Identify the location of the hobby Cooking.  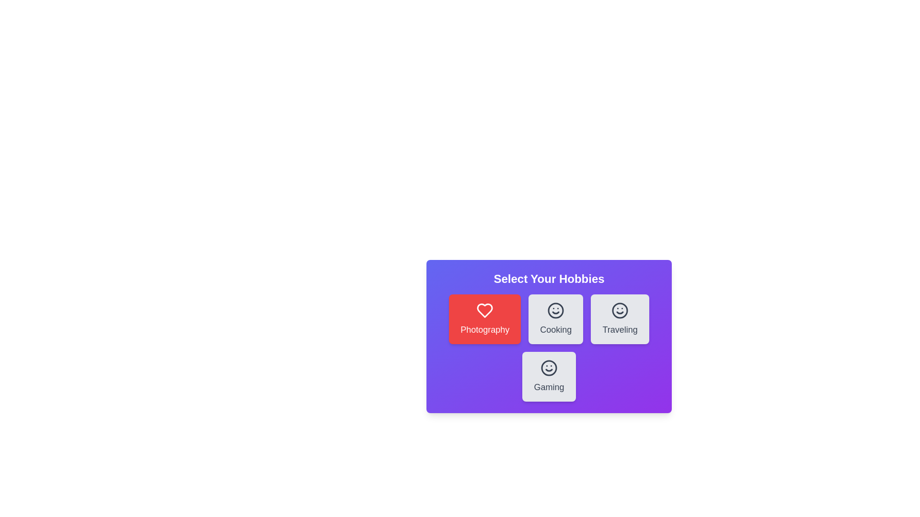
(556, 319).